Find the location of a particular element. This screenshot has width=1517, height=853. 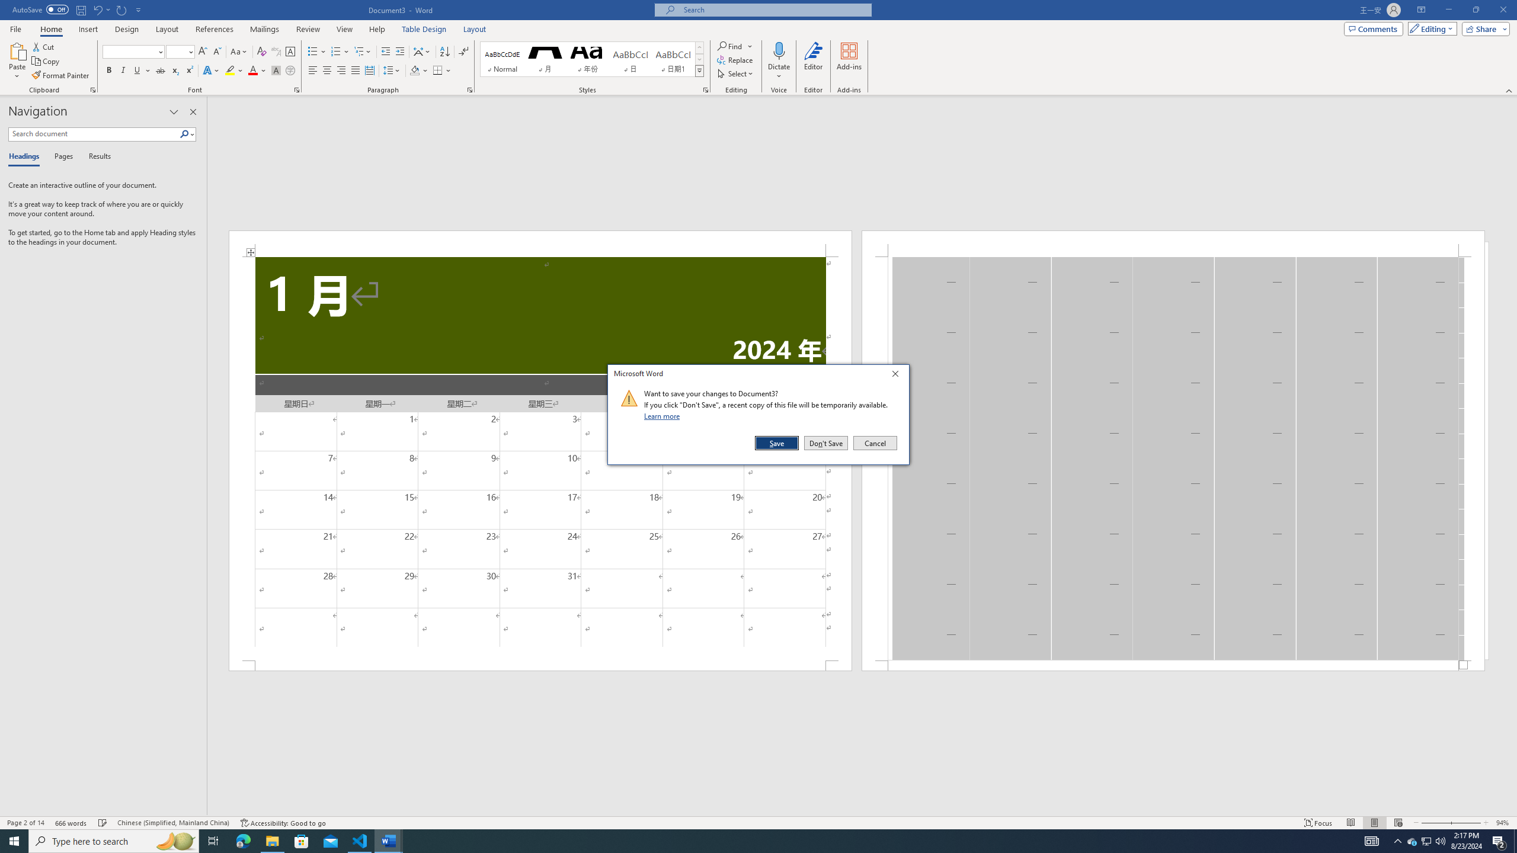

'User Promoted Notification Area' is located at coordinates (1425, 840).